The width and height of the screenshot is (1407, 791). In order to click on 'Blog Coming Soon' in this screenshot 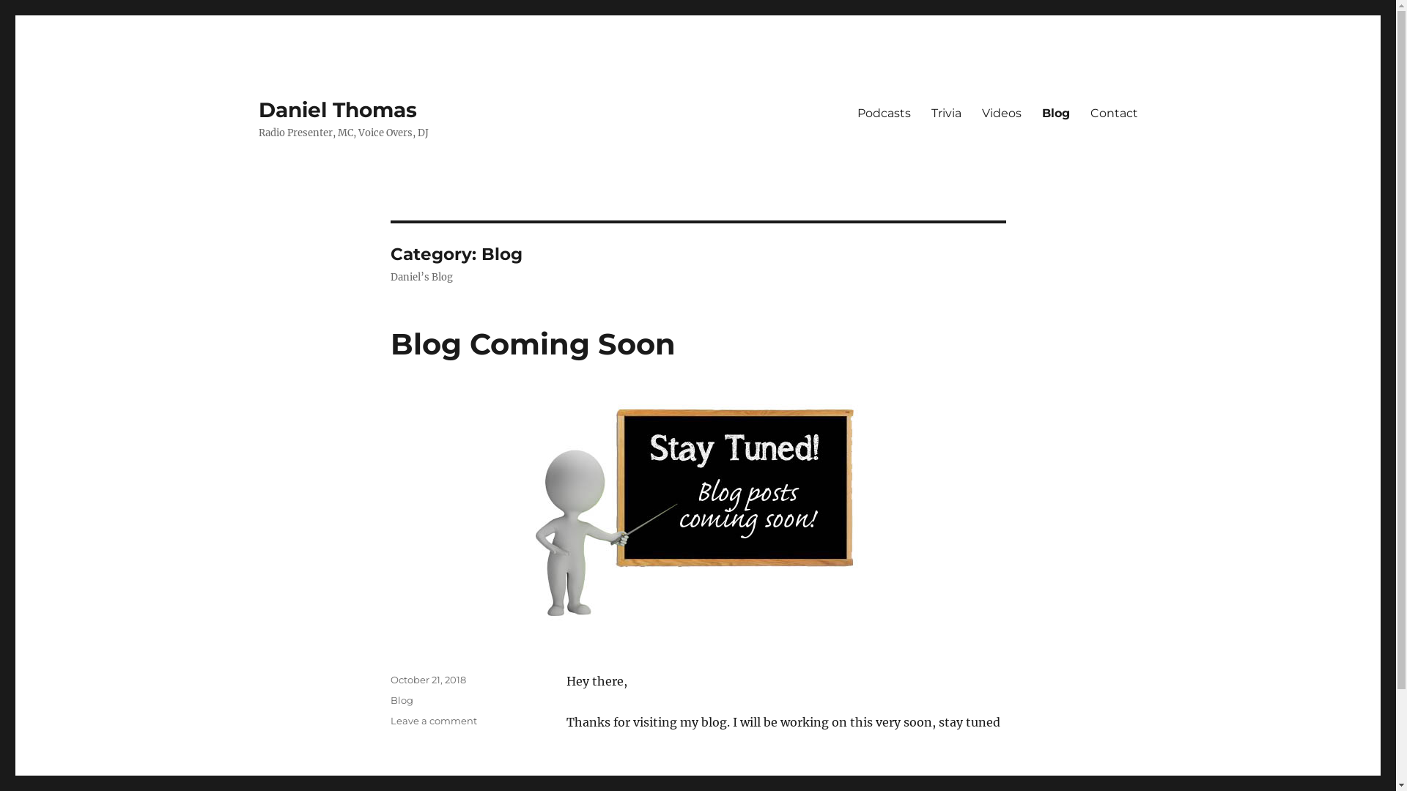, I will do `click(531, 343)`.